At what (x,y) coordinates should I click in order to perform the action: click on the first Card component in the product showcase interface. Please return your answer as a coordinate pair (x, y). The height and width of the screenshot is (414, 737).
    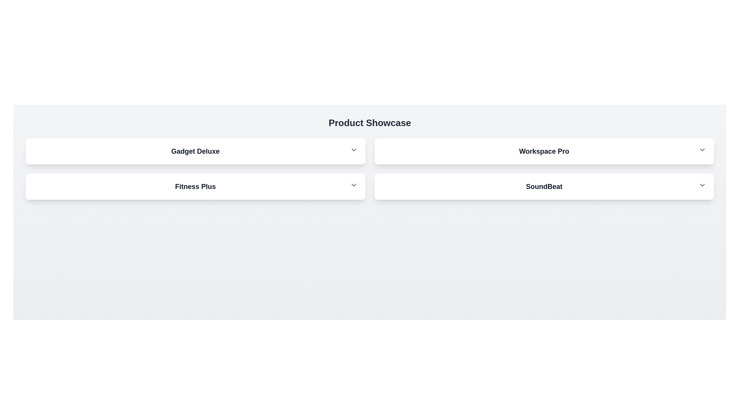
    Looking at the image, I should click on (195, 151).